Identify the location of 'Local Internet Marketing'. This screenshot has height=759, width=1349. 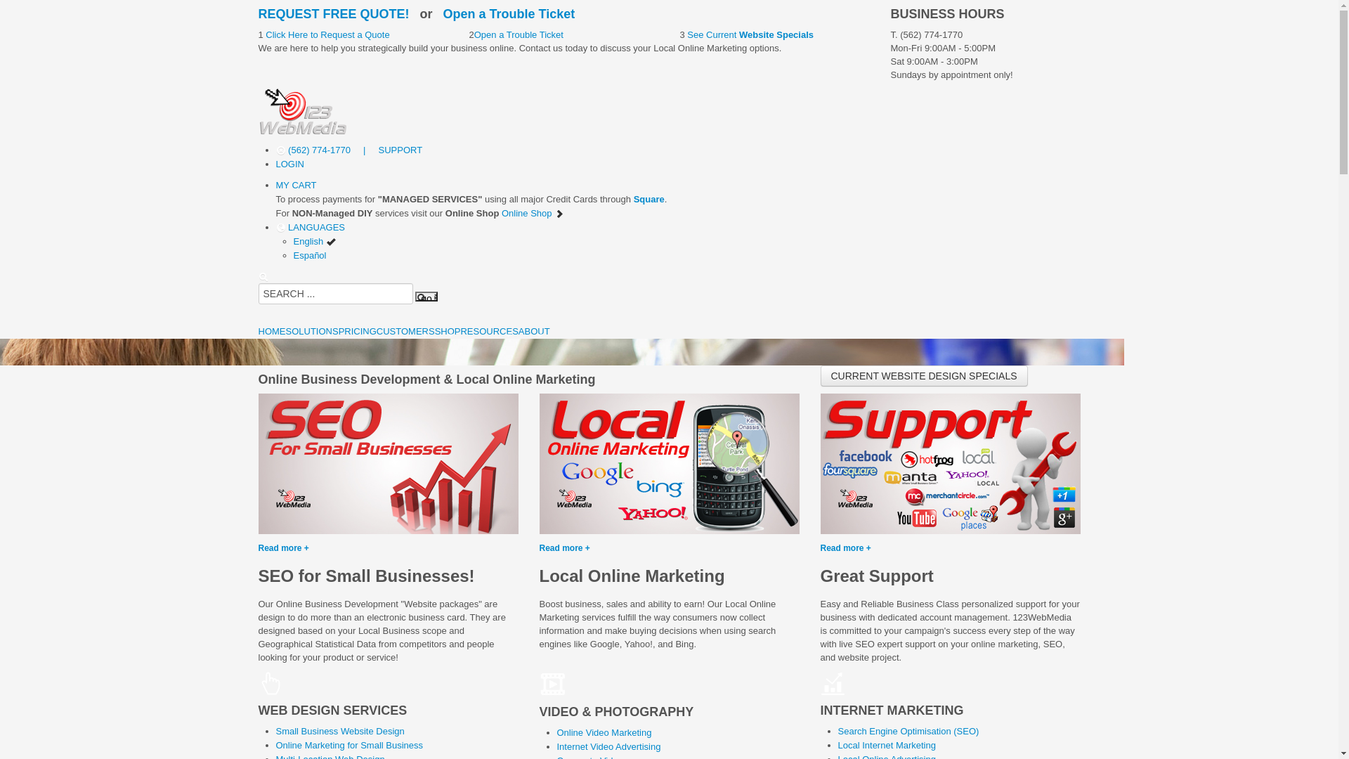
(885, 744).